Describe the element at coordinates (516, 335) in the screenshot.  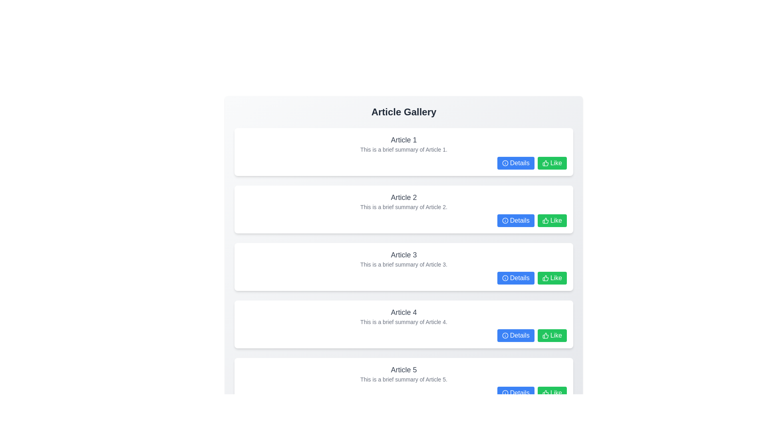
I see `the blue rounded rectangle button labeled 'Details' with an information icon on the left` at that location.